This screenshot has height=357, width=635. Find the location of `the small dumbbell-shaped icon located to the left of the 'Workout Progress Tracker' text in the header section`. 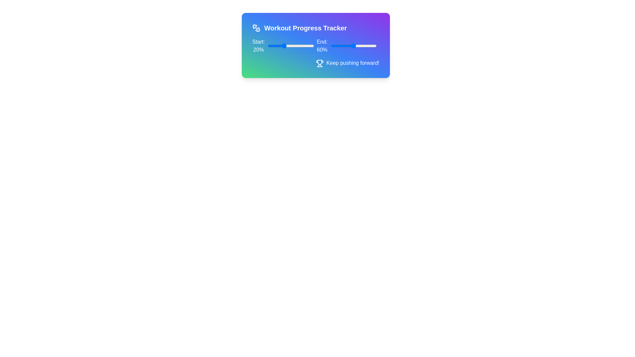

the small dumbbell-shaped icon located to the left of the 'Workout Progress Tracker' text in the header section is located at coordinates (256, 27).